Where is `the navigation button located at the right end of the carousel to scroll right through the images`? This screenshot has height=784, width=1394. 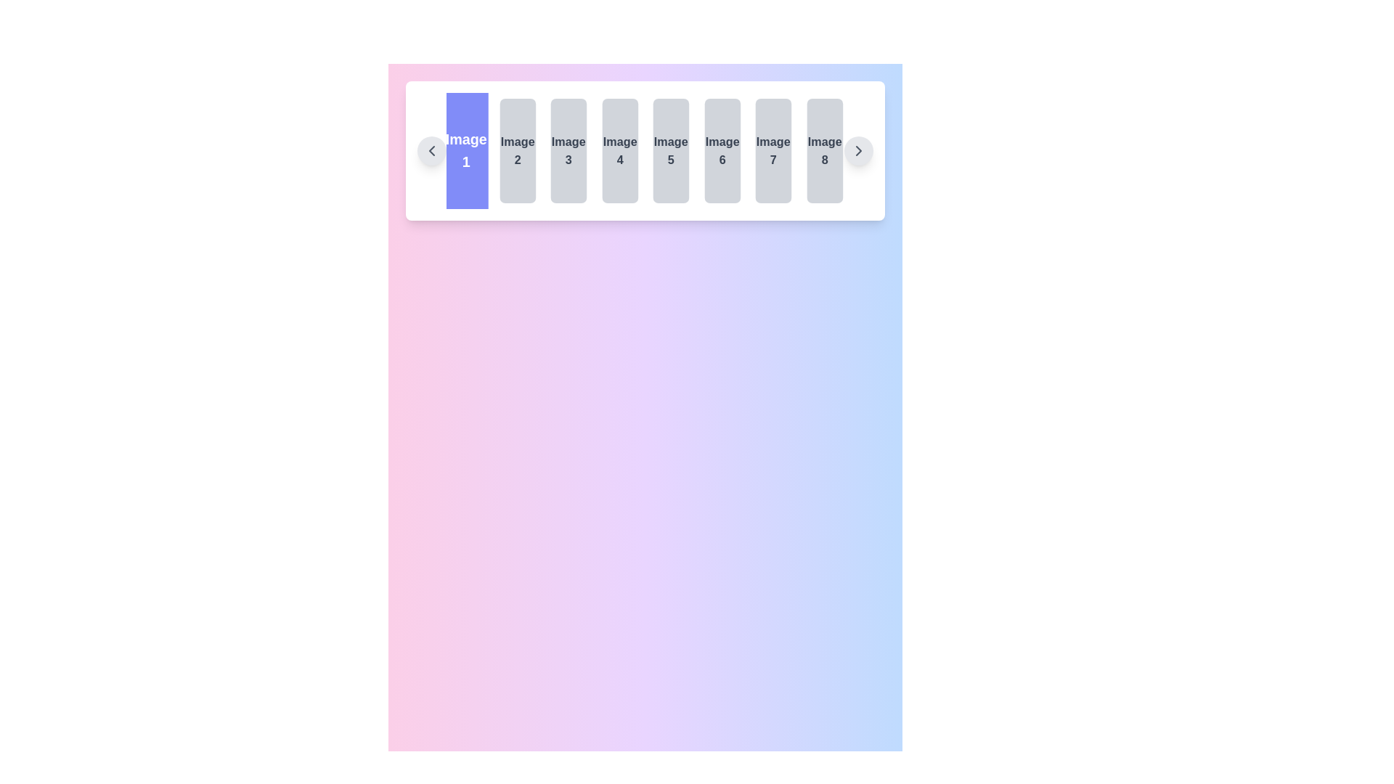 the navigation button located at the right end of the carousel to scroll right through the images is located at coordinates (858, 151).